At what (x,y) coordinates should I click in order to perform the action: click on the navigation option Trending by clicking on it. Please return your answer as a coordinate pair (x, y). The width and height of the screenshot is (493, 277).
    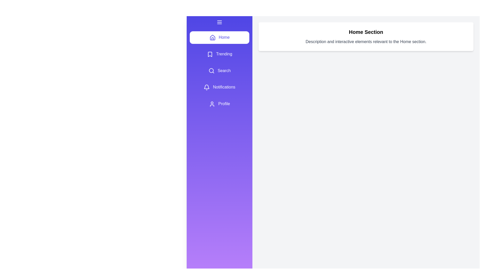
    Looking at the image, I should click on (219, 54).